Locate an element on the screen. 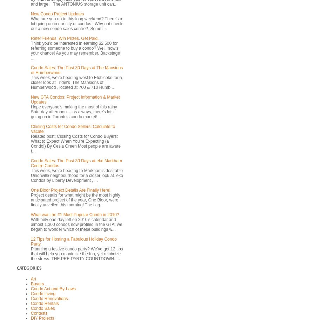 The image size is (329, 320). 'Condo Renovations' is located at coordinates (49, 298).